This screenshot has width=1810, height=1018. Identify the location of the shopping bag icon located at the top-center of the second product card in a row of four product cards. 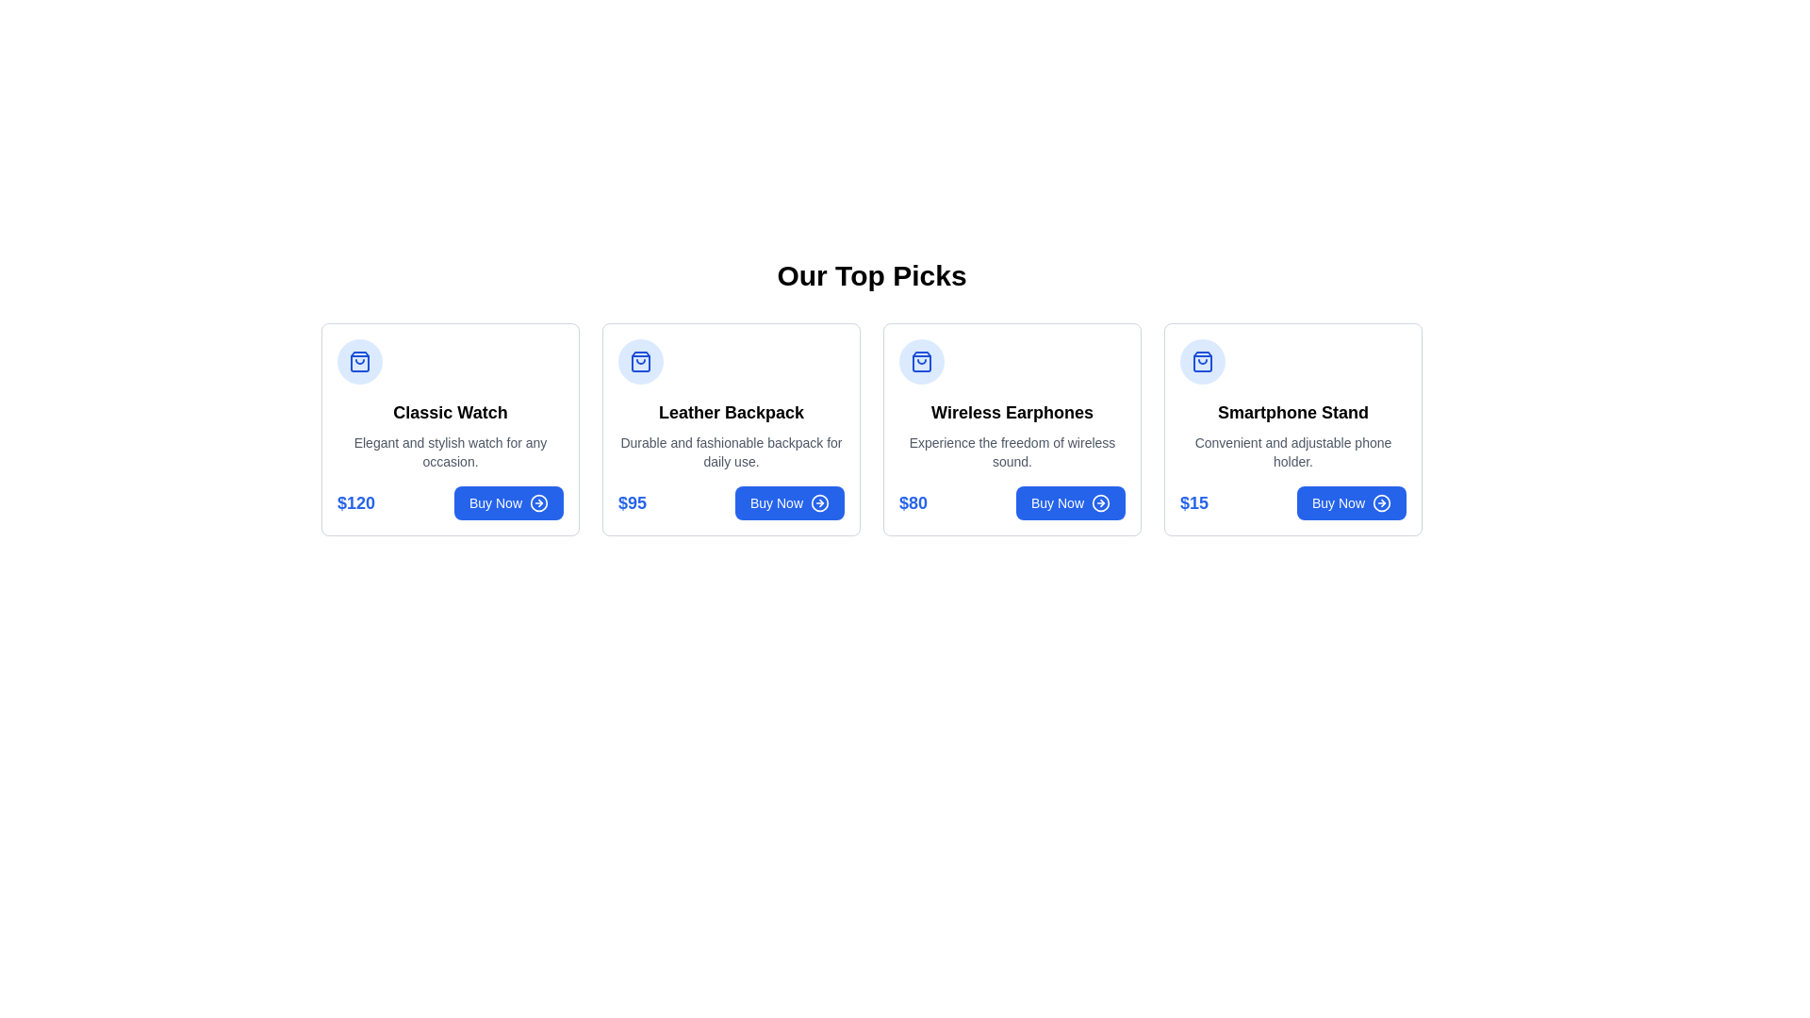
(1202, 362).